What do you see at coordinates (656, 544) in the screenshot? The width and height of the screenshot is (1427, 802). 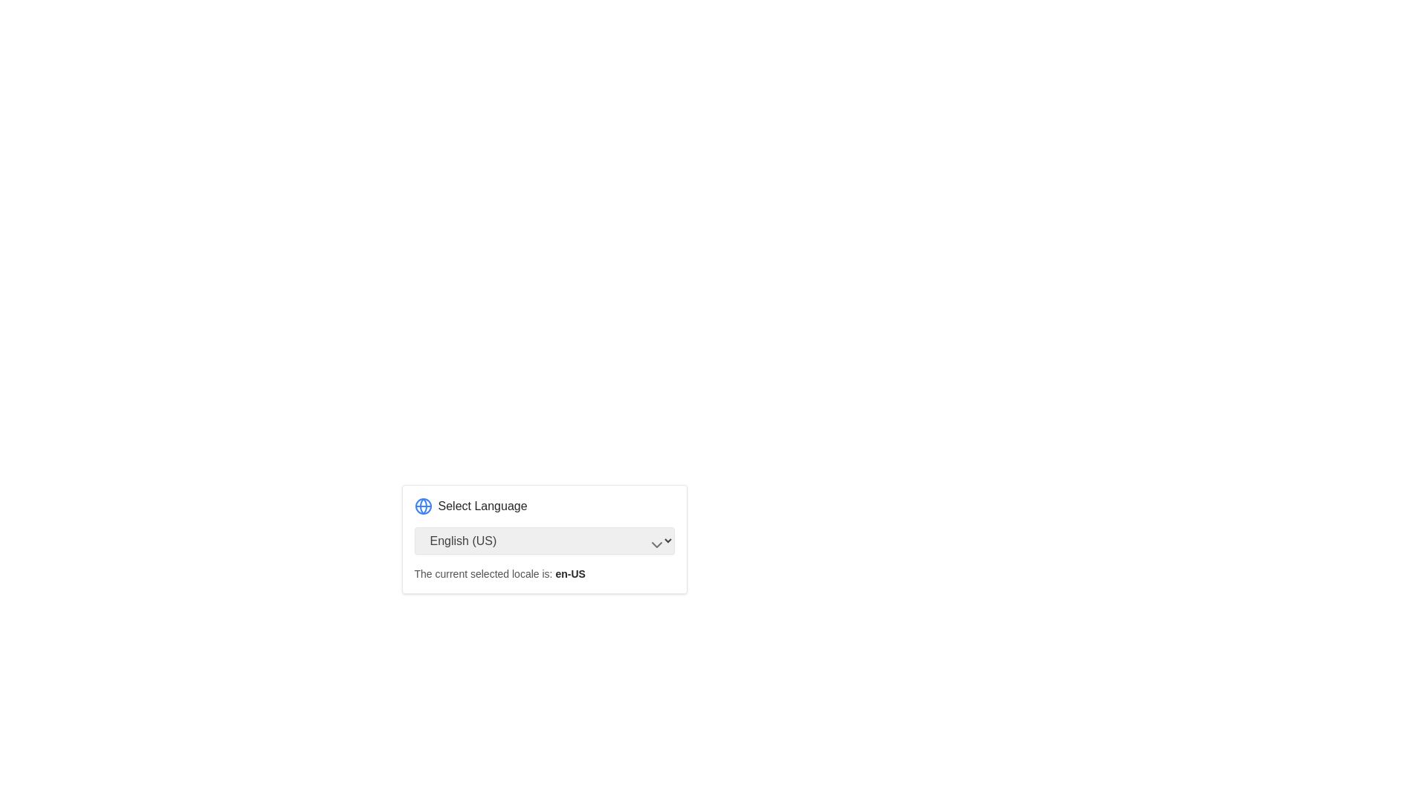 I see `the chevron icon located on the right side of the 'English (US)' dropdown` at bounding box center [656, 544].